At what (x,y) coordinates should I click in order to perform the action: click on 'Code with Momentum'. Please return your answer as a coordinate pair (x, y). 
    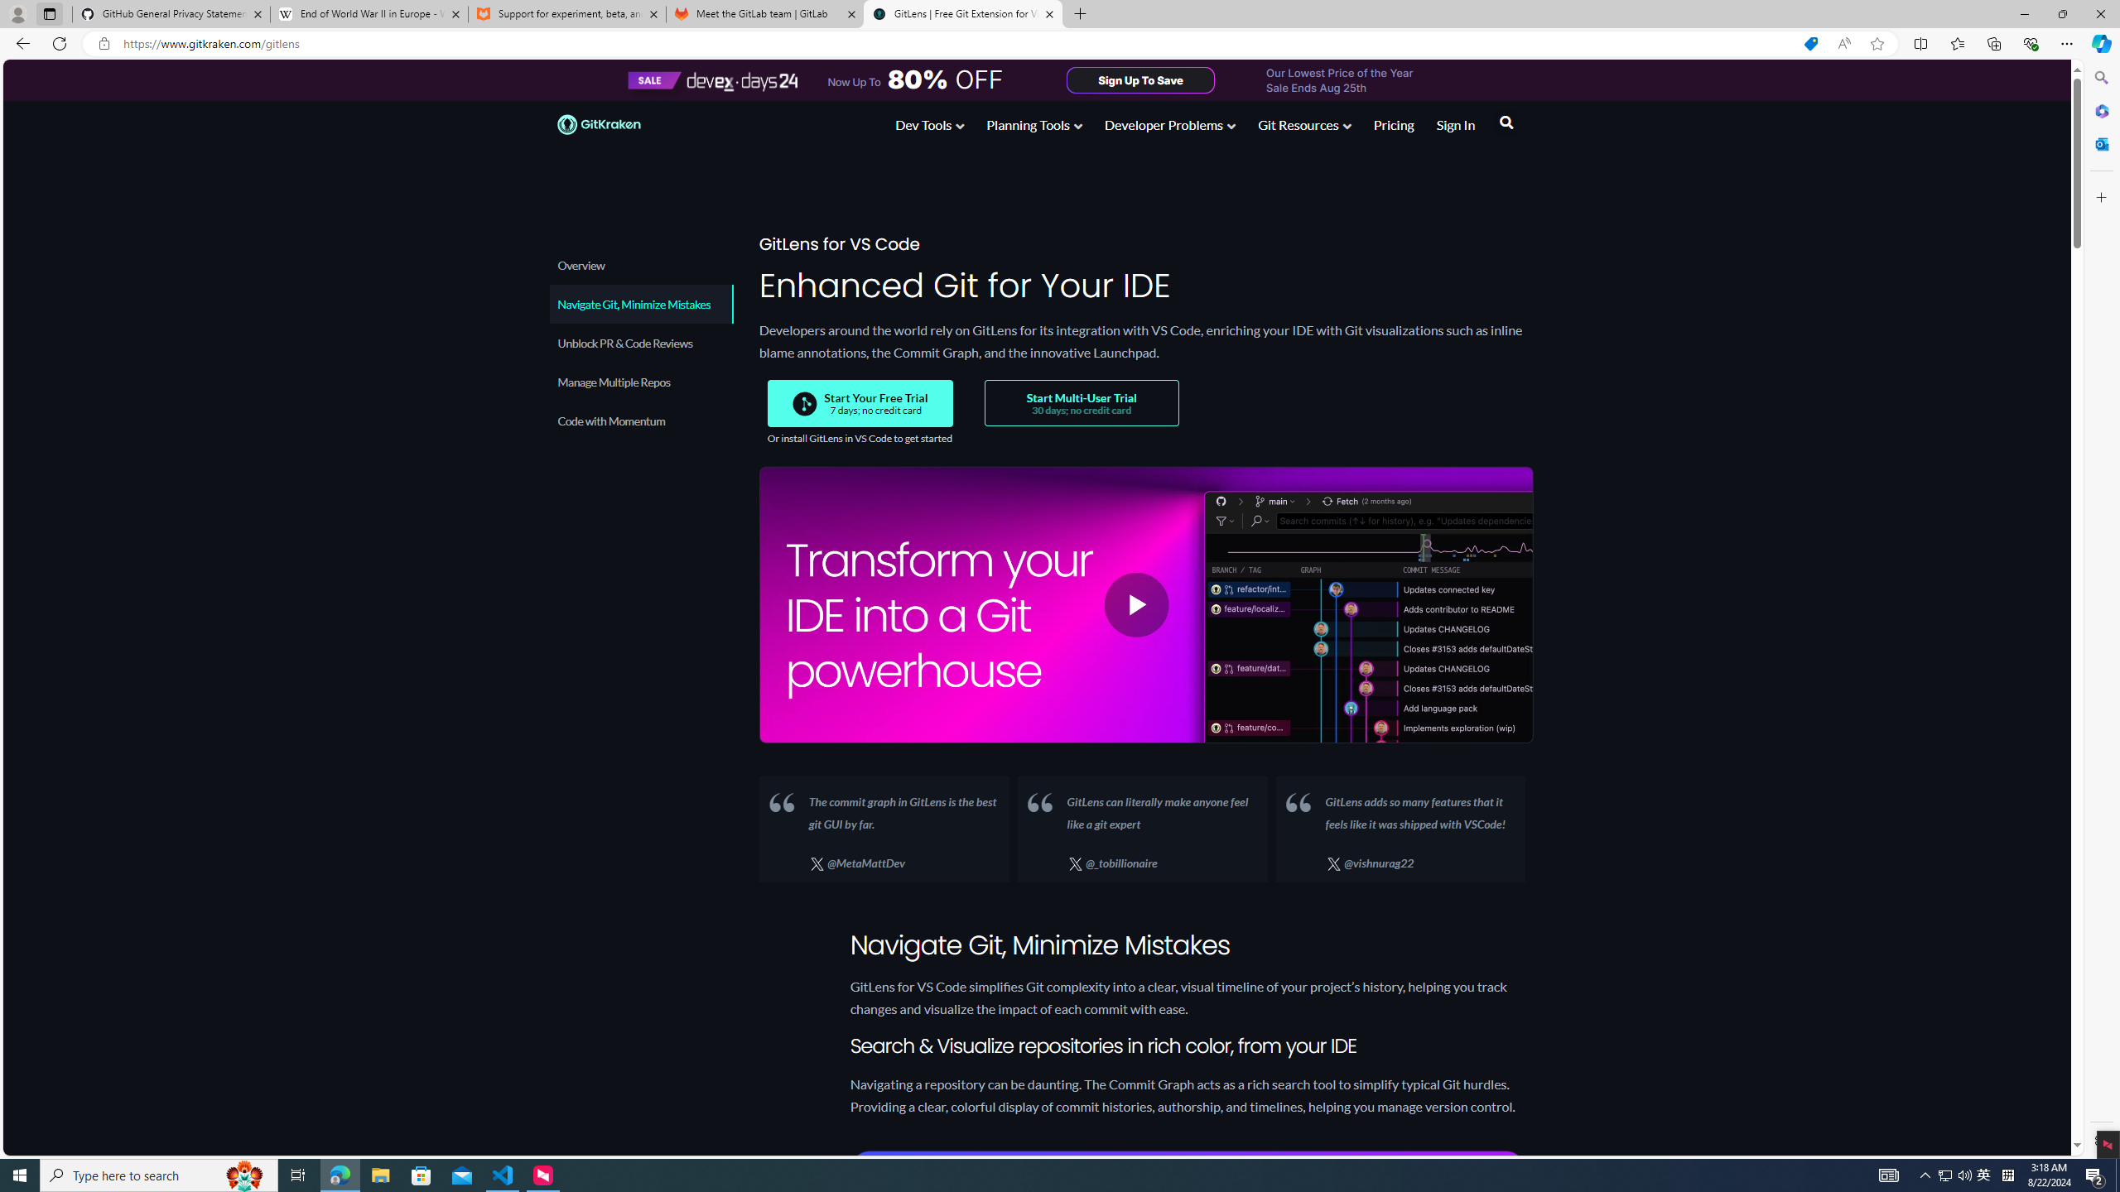
    Looking at the image, I should click on (641, 421).